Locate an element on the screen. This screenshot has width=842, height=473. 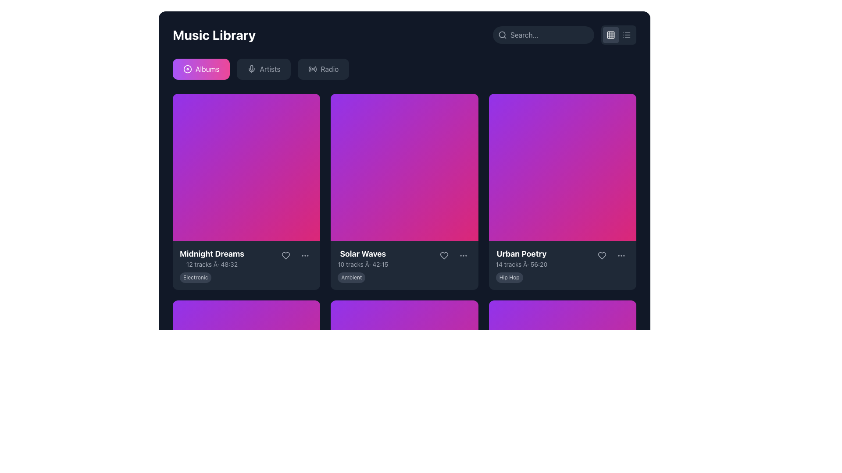
the first button labeled for navigating to the albums section, located beneath the 'Music Library' header and to the left of the 'Artists' and 'Radio' buttons is located at coordinates (207, 69).